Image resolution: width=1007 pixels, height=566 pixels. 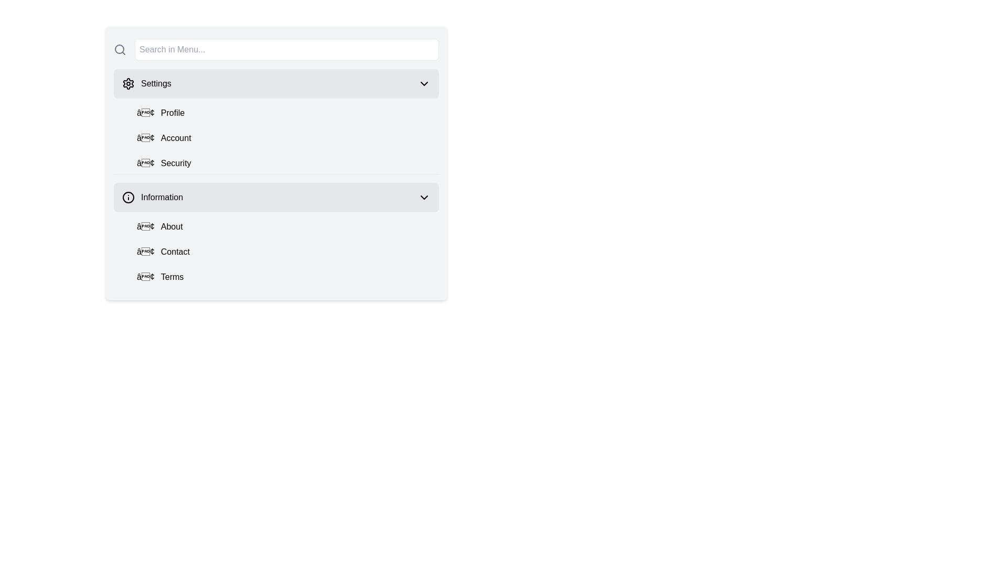 I want to click on the 'Settings' menu item, which features a text label and a gear icon, so click(x=146, y=83).